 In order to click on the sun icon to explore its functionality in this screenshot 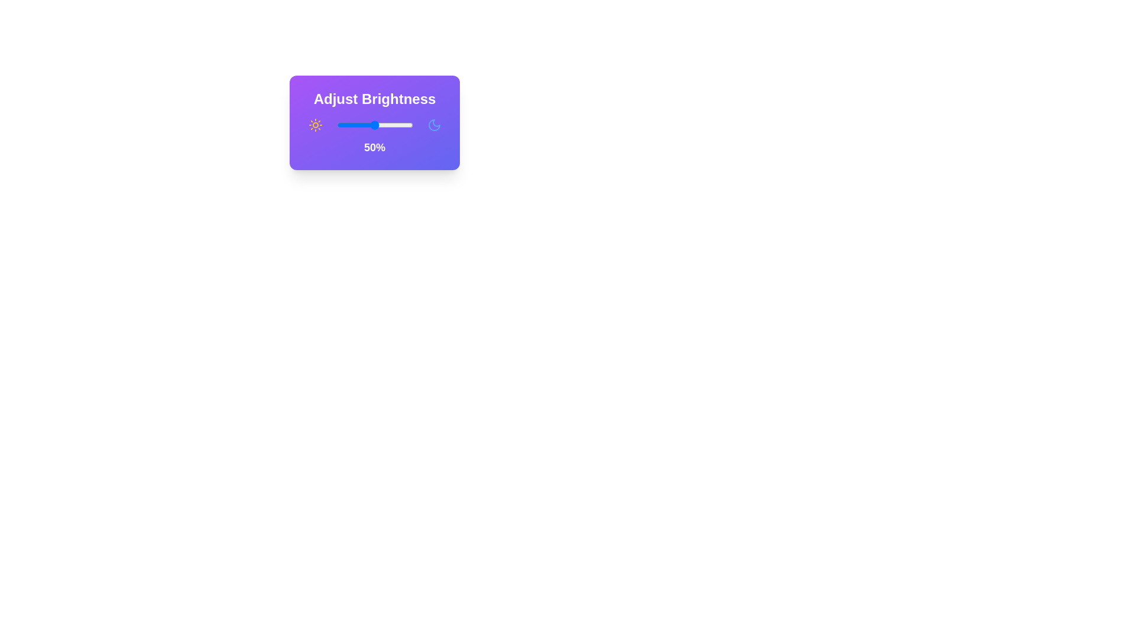, I will do `click(315, 125)`.